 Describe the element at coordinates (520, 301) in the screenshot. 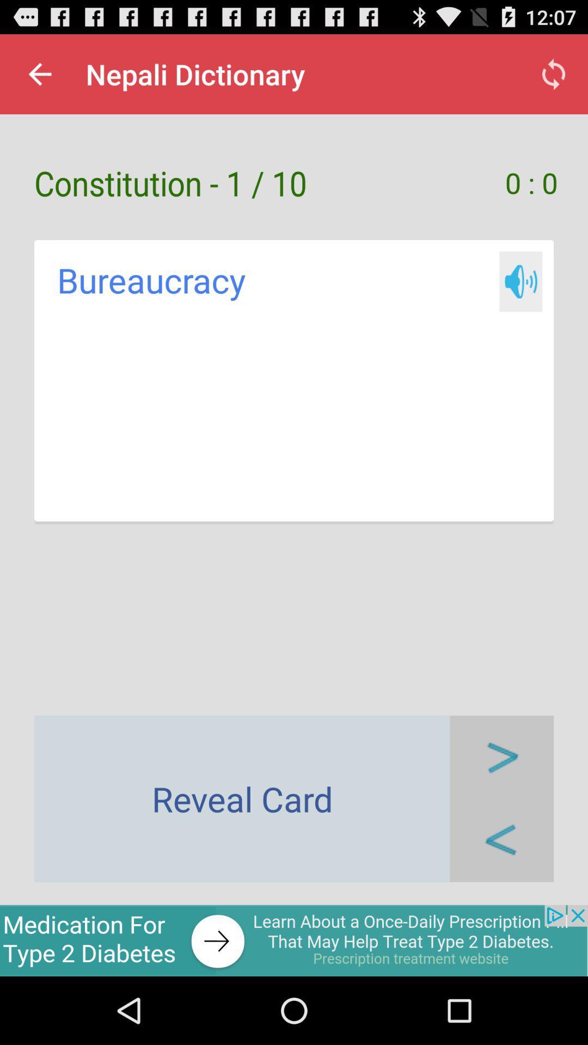

I see `the volume icon` at that location.